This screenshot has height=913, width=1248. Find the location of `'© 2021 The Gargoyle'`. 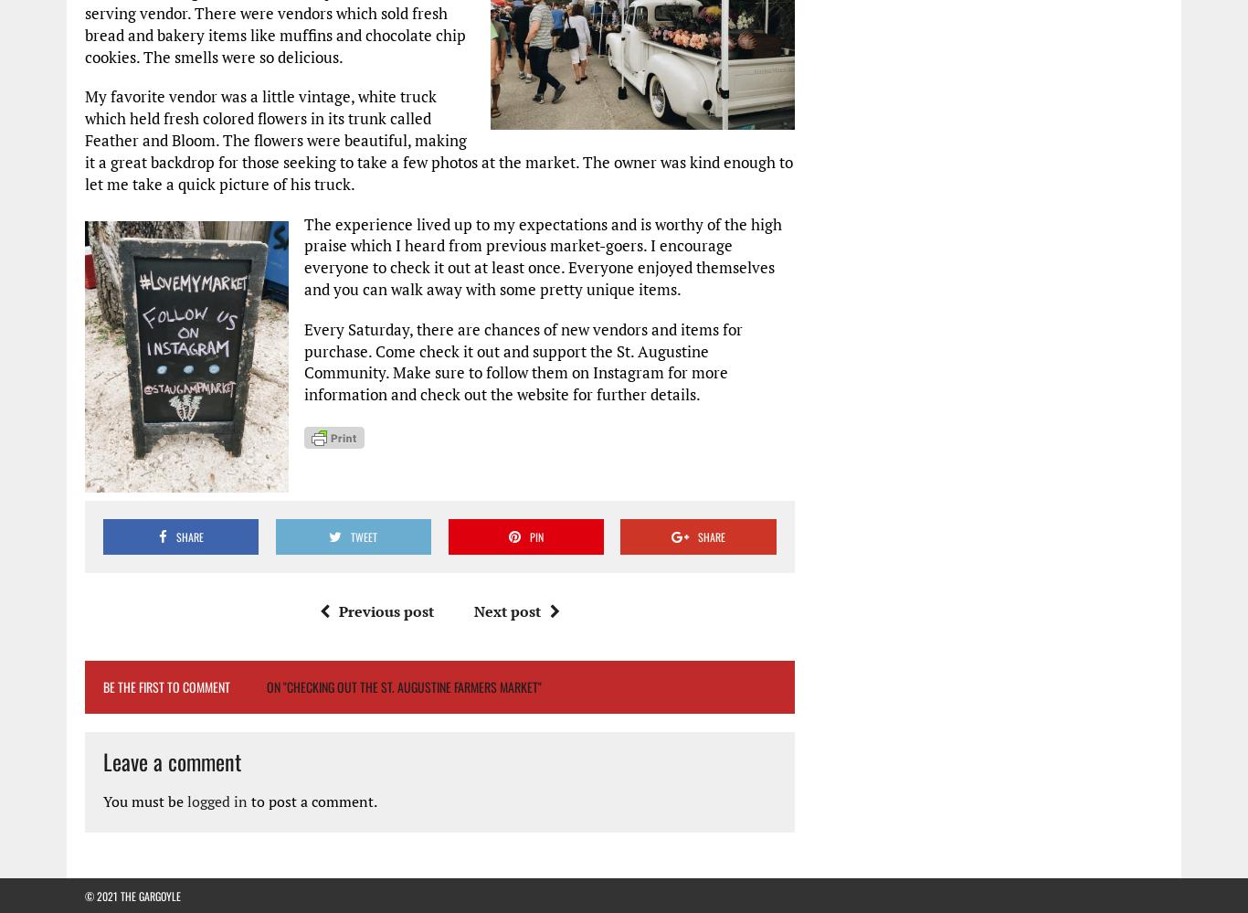

'© 2021 The Gargoyle' is located at coordinates (132, 894).